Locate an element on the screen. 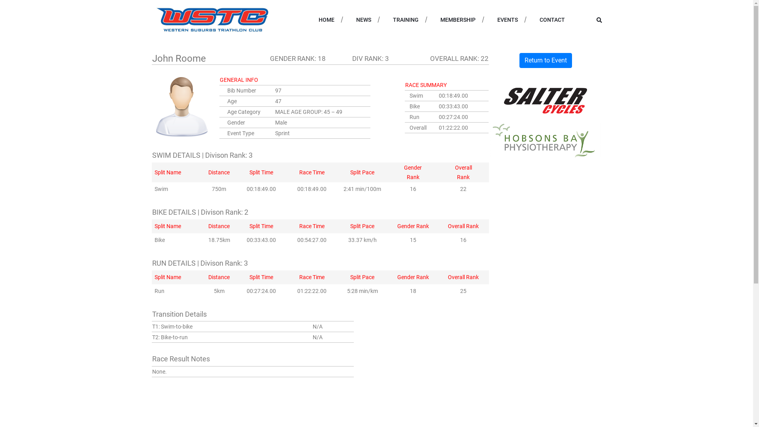  'HOME' is located at coordinates (326, 19).